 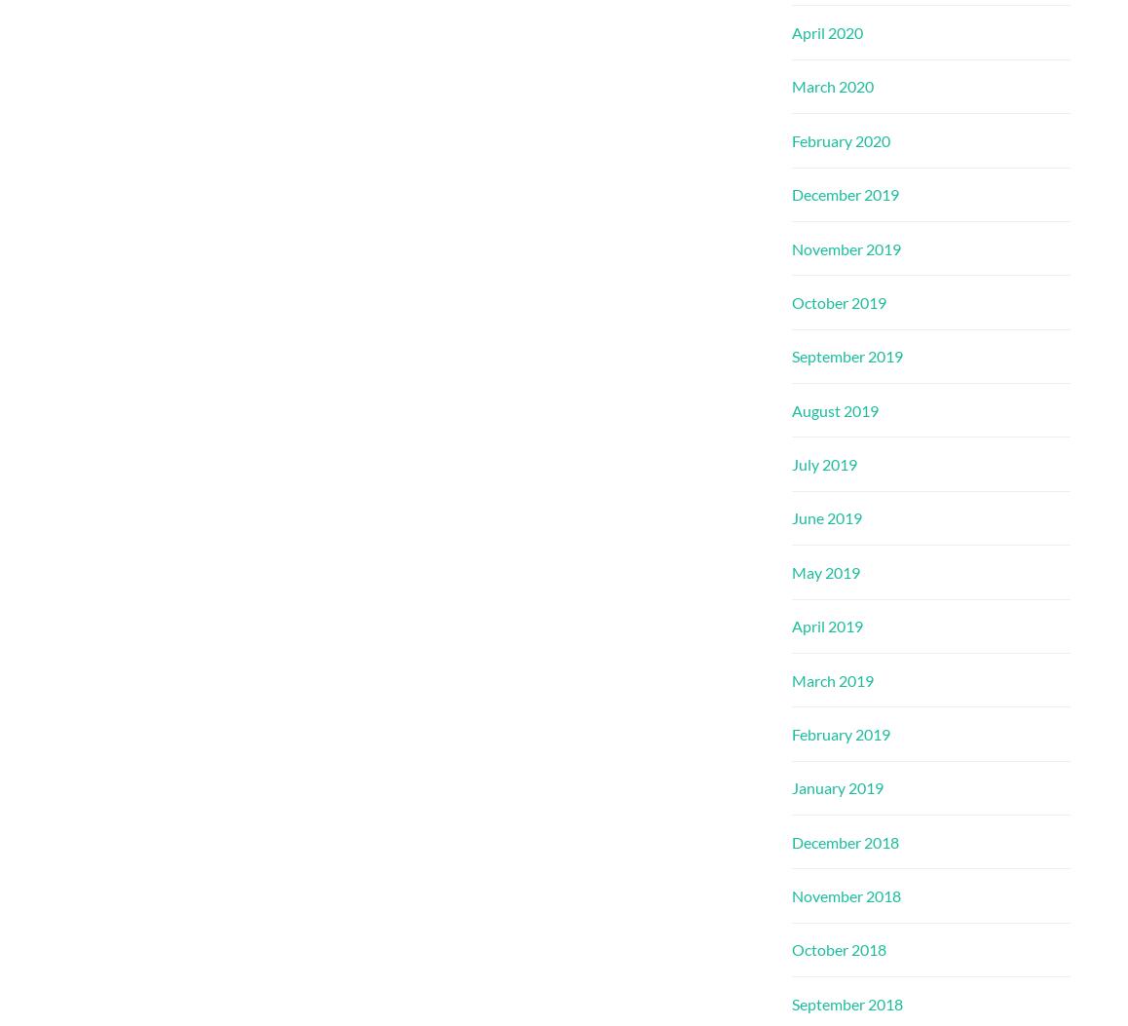 I want to click on 'November 2019', so click(x=791, y=247).